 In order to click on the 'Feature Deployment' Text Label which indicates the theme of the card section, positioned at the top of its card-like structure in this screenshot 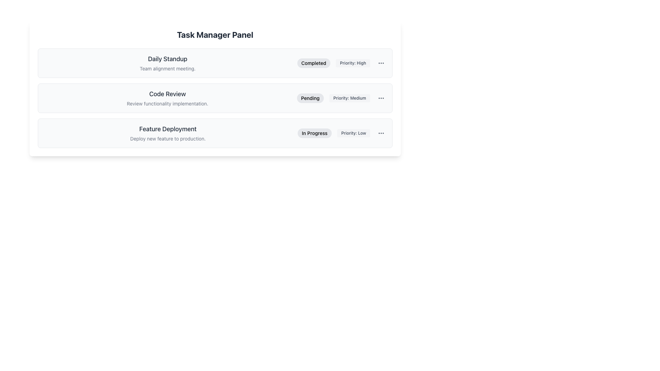, I will do `click(168, 129)`.